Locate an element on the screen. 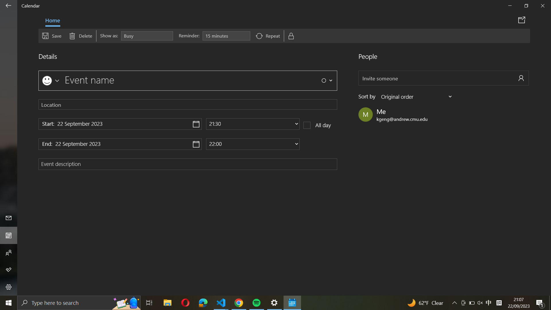  Draft an event invitation for the email "abc@example.com is located at coordinates (443, 78).